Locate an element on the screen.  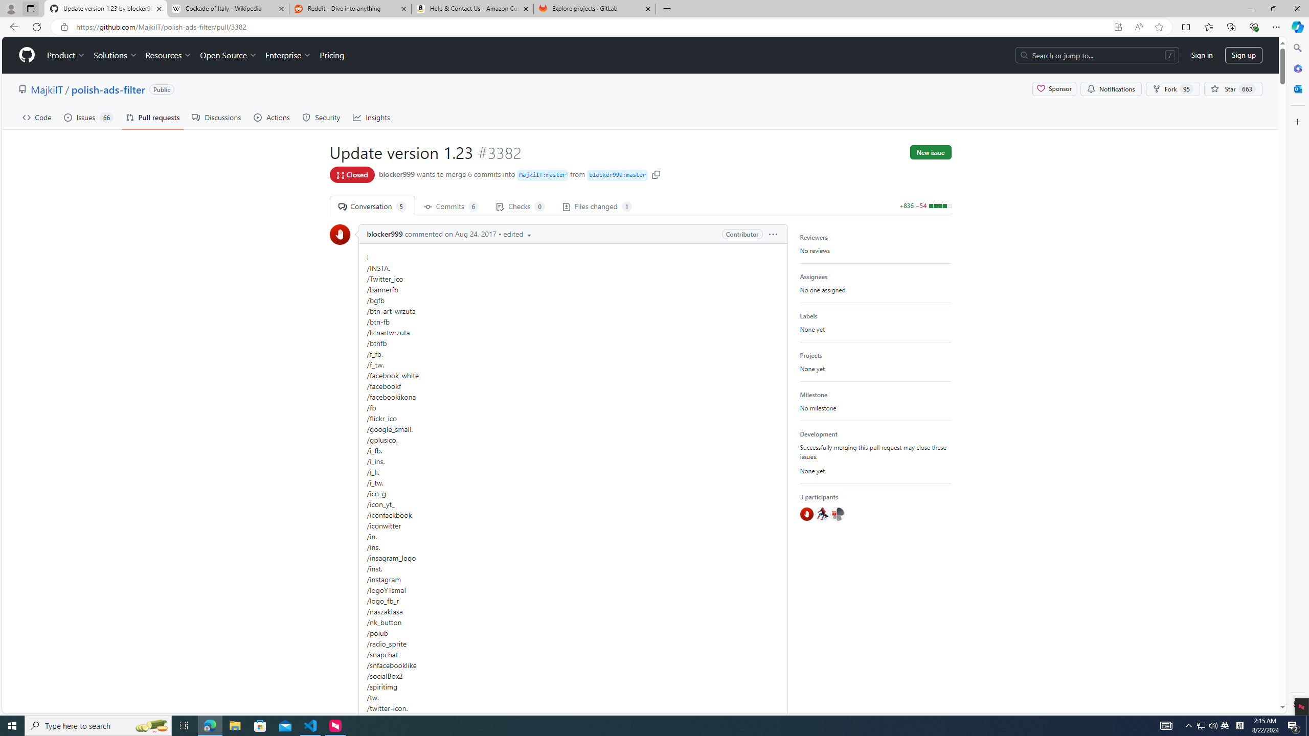
'Open Source' is located at coordinates (229, 55).